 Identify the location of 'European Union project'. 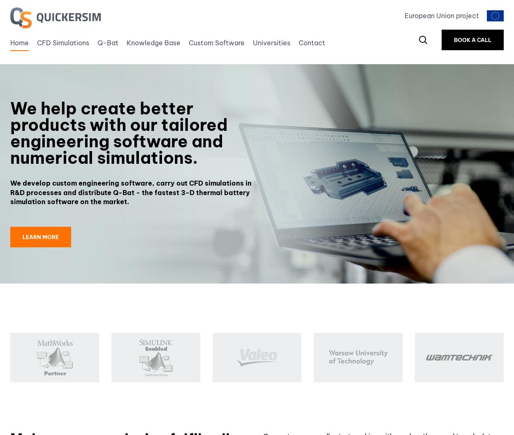
(441, 16).